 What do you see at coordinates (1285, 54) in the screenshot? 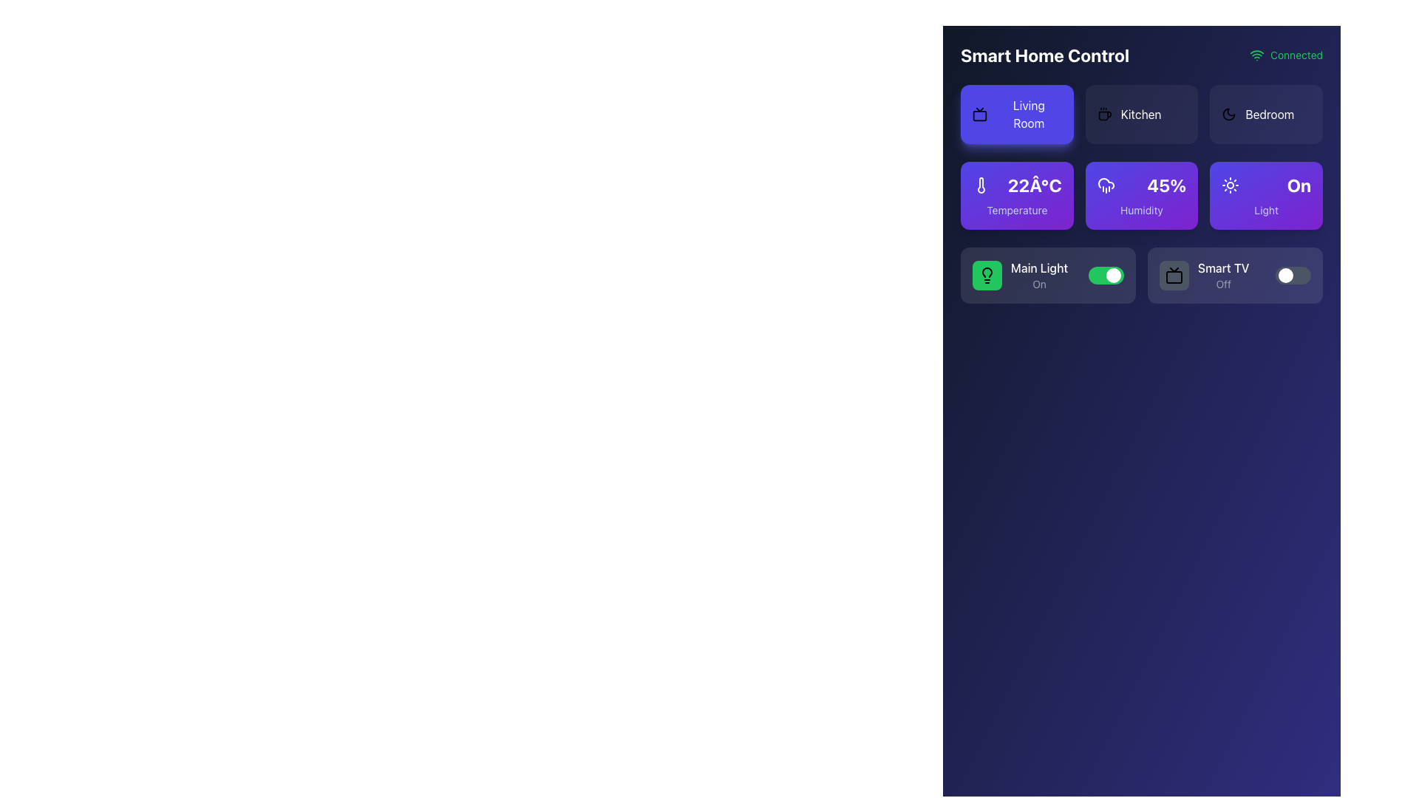
I see `the Status Indicator, which is a green element labeled 'Connected' located in the top-right corner of the interface, next to the 'Smart Home Control' title` at bounding box center [1285, 54].